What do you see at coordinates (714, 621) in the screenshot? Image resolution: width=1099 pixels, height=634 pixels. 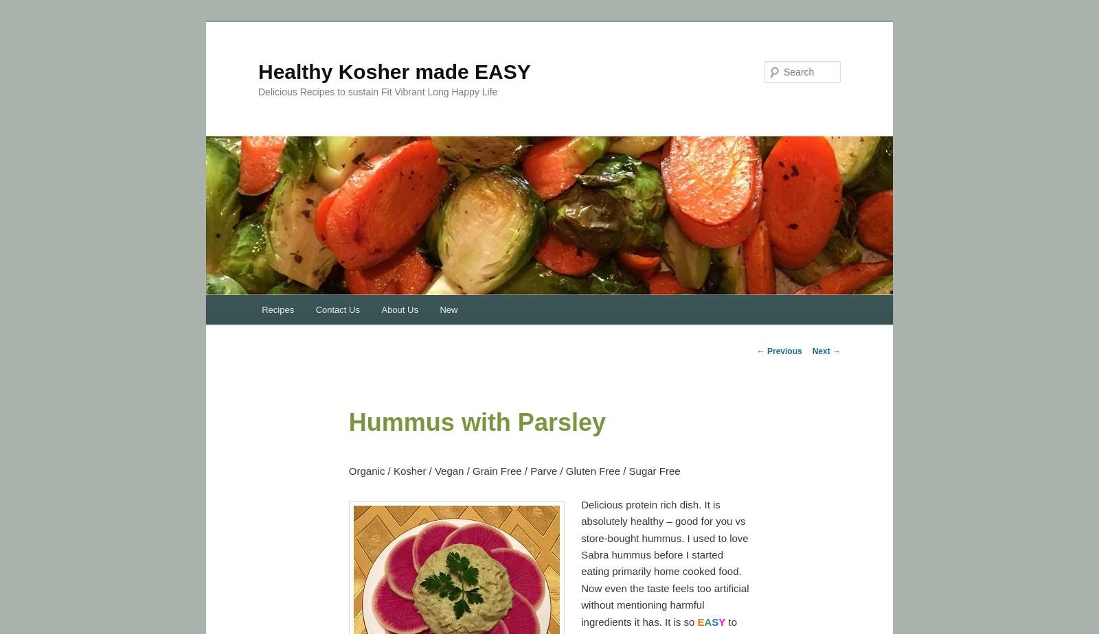 I see `'S'` at bounding box center [714, 621].